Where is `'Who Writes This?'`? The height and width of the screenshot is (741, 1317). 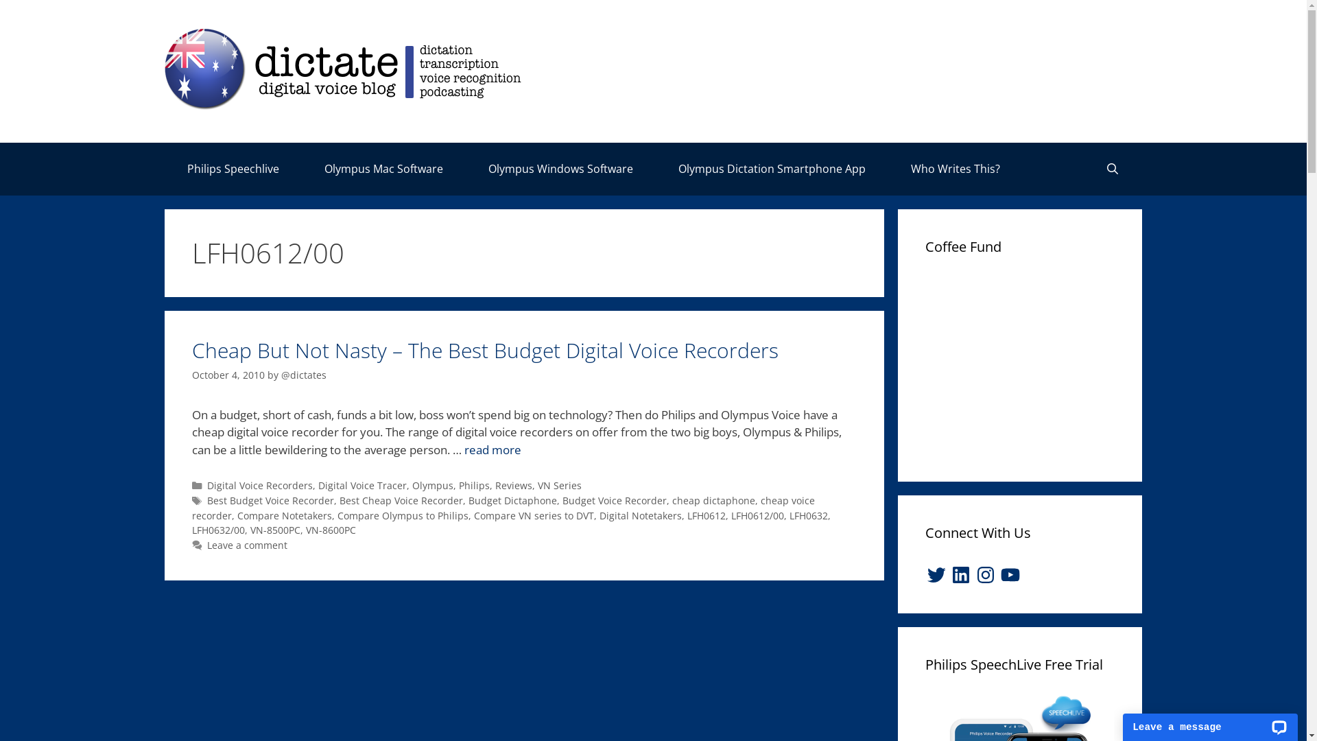
'Who Writes This?' is located at coordinates (888, 168).